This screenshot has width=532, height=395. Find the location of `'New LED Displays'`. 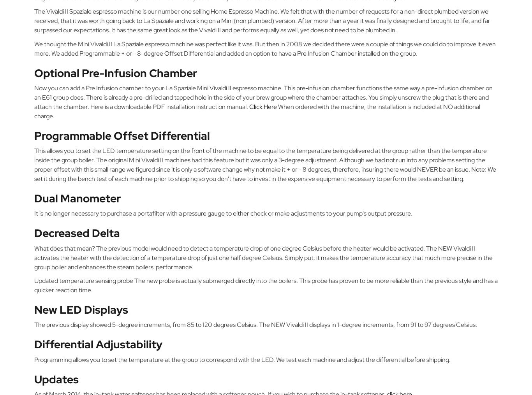

'New LED Displays' is located at coordinates (81, 309).